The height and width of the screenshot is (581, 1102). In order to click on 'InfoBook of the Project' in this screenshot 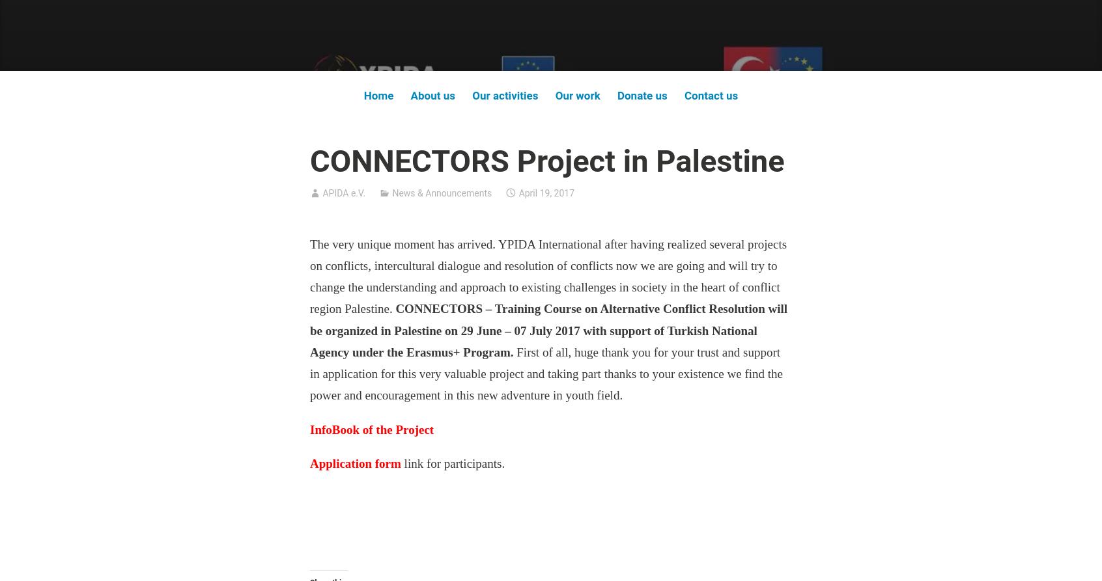, I will do `click(371, 429)`.